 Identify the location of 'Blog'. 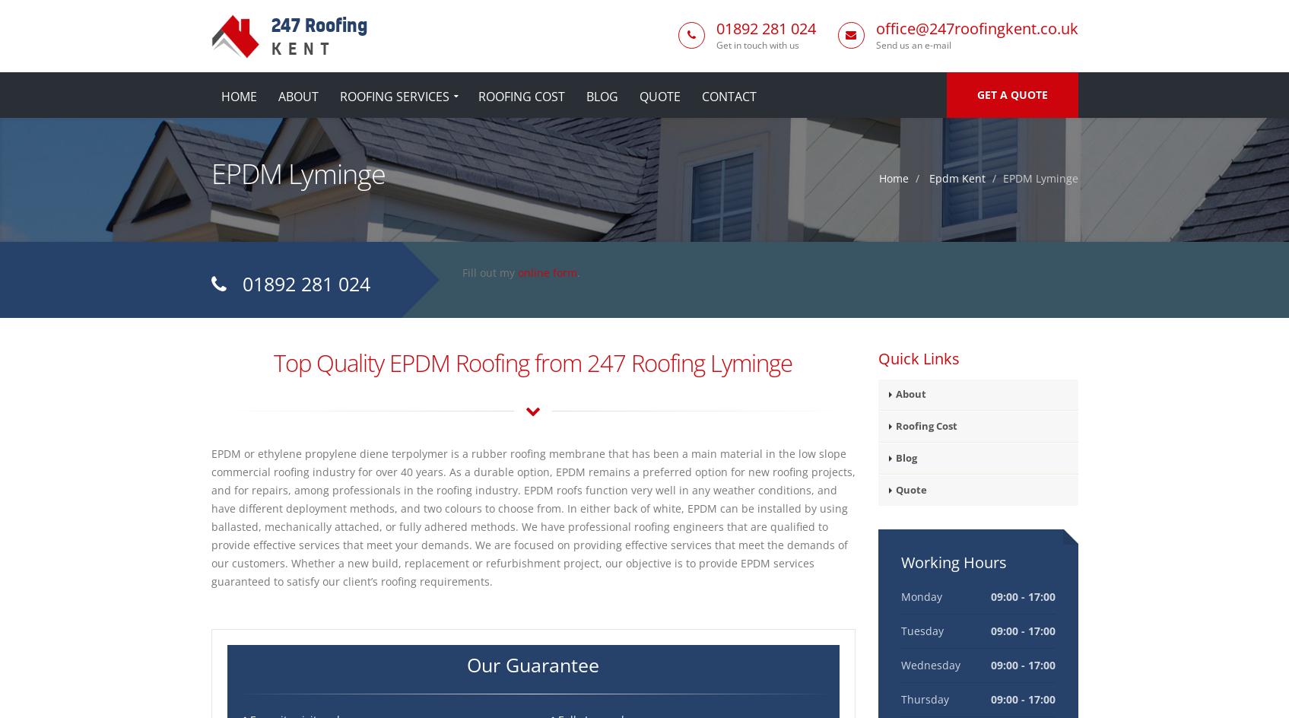
(906, 458).